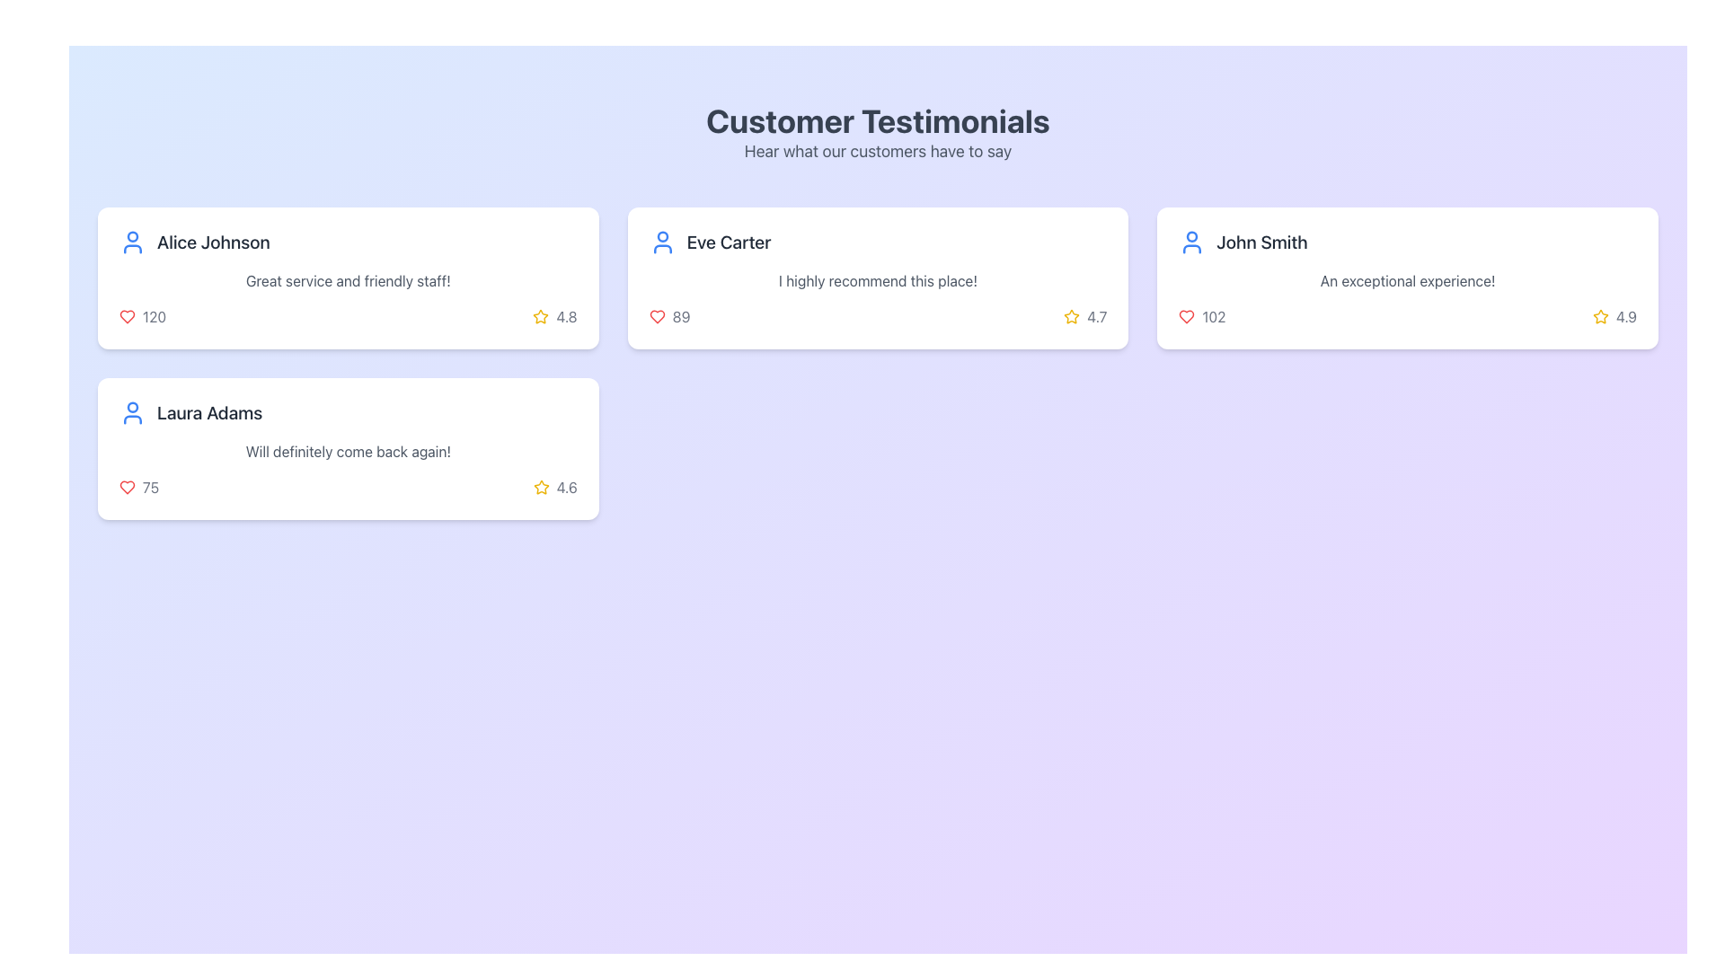  I want to click on the star-shaped icon with a golden yellow outline that indicates a rating, located in the bottom right corner of the testimonial card, preceding the text '4.9', so click(1600, 316).